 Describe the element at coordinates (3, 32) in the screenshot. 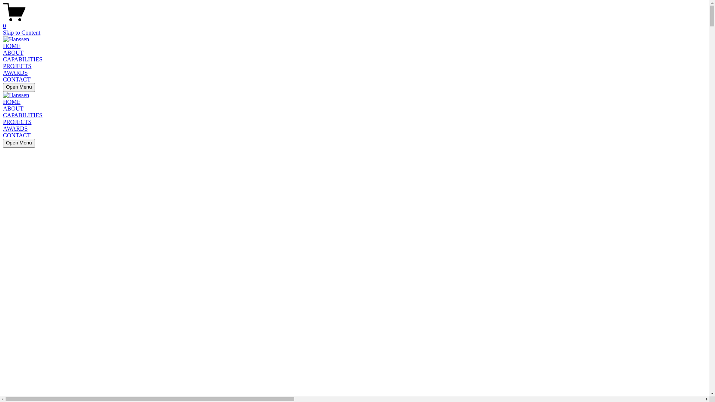

I see `'Skip to Content'` at that location.